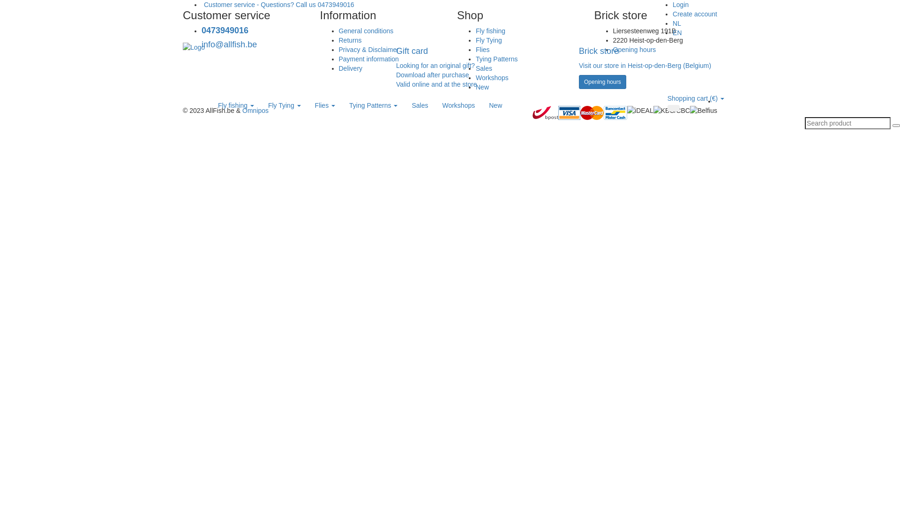 This screenshot has height=506, width=900. I want to click on 'New', so click(482, 87).